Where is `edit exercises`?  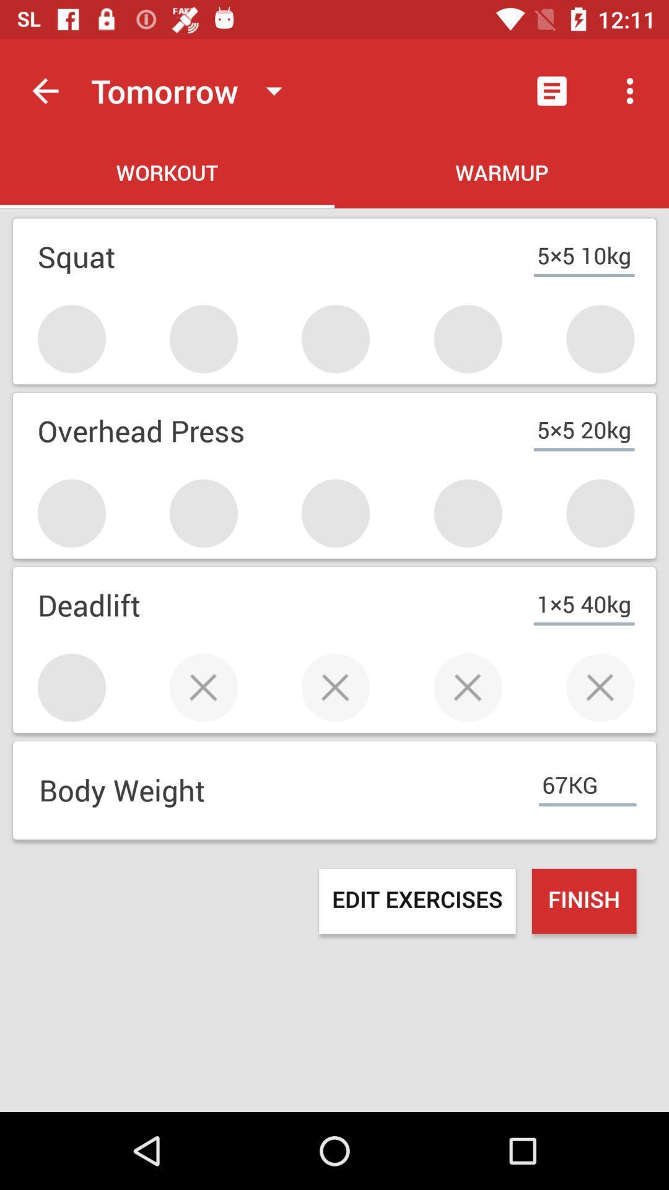
edit exercises is located at coordinates (417, 901).